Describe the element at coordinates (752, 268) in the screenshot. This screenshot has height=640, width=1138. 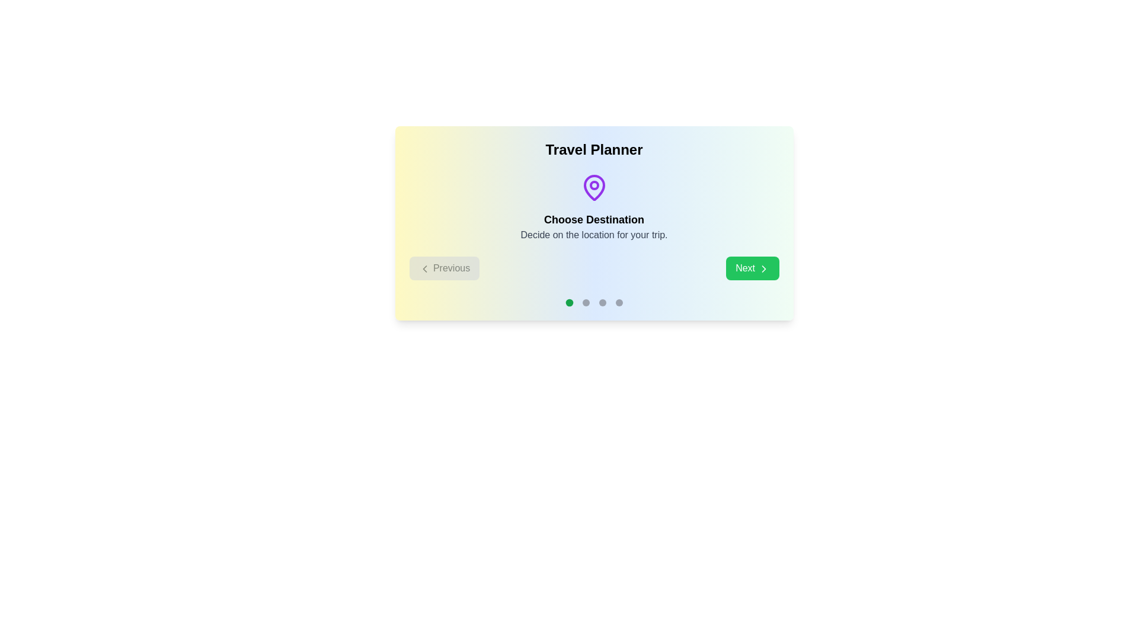
I see `the 'Next' button, which has white text on a vibrant green background and features a rightward chevron icon` at that location.